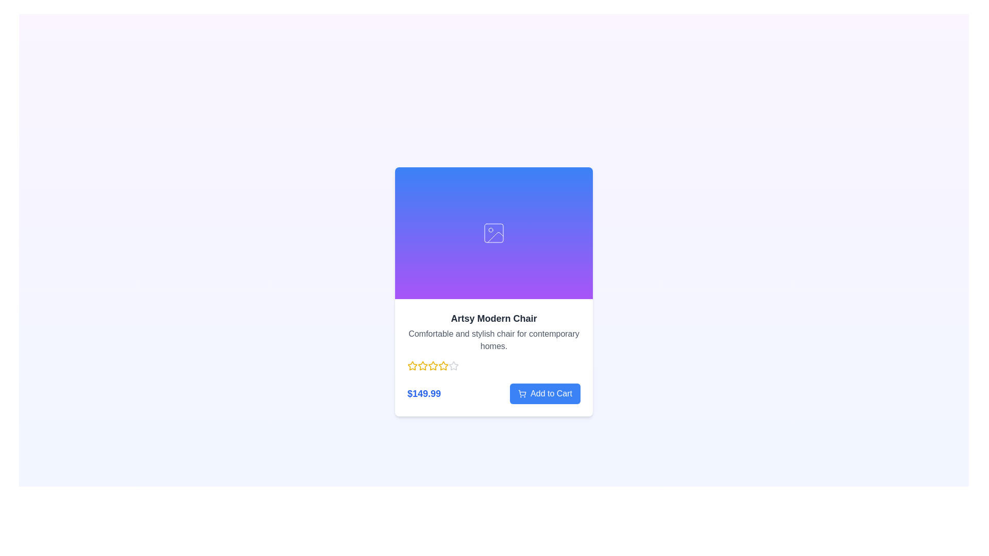 The height and width of the screenshot is (556, 989). Describe the element at coordinates (493, 233) in the screenshot. I see `the SVG icon representing an image, which is centered within a vibrant gradient panel above the card title 'Artsy Modern Chair'` at that location.